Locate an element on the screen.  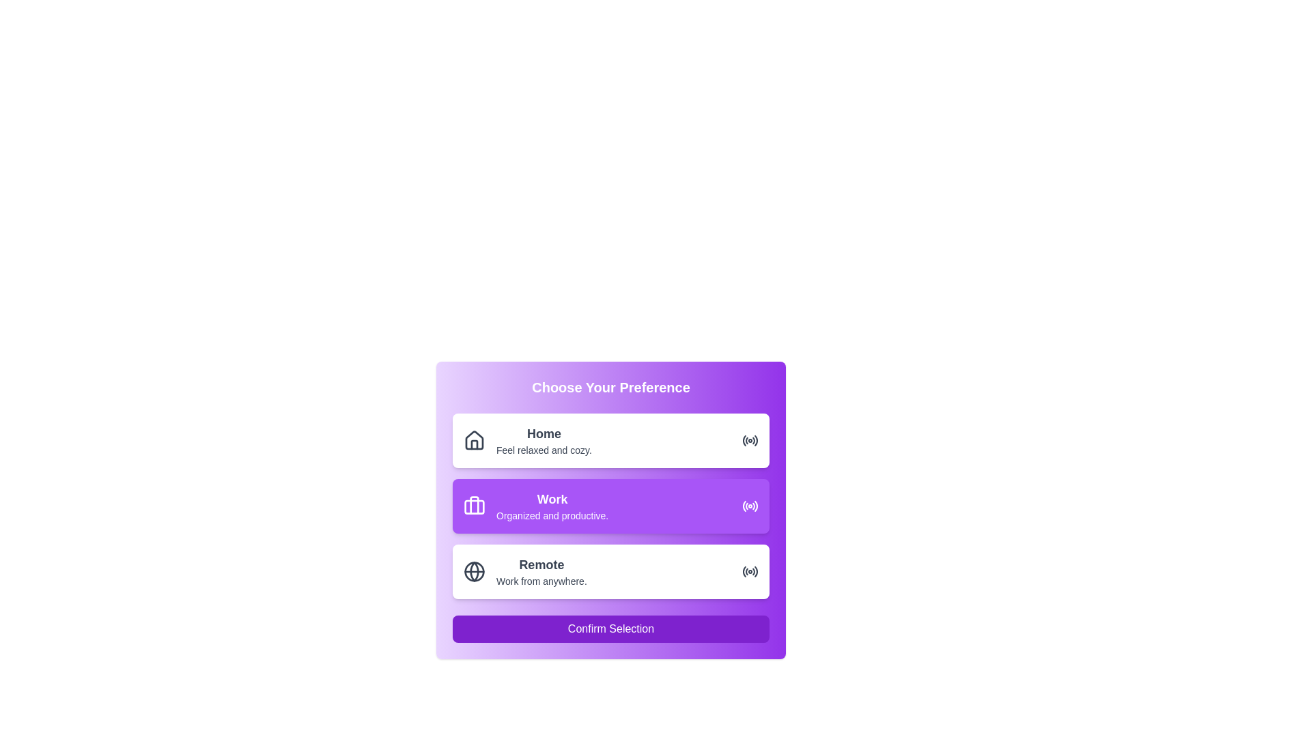
the representation of the briefcase icon on a purple background located in the 'Work' section, positioned left of the text 'Work Organized and productive.' is located at coordinates (475, 506).